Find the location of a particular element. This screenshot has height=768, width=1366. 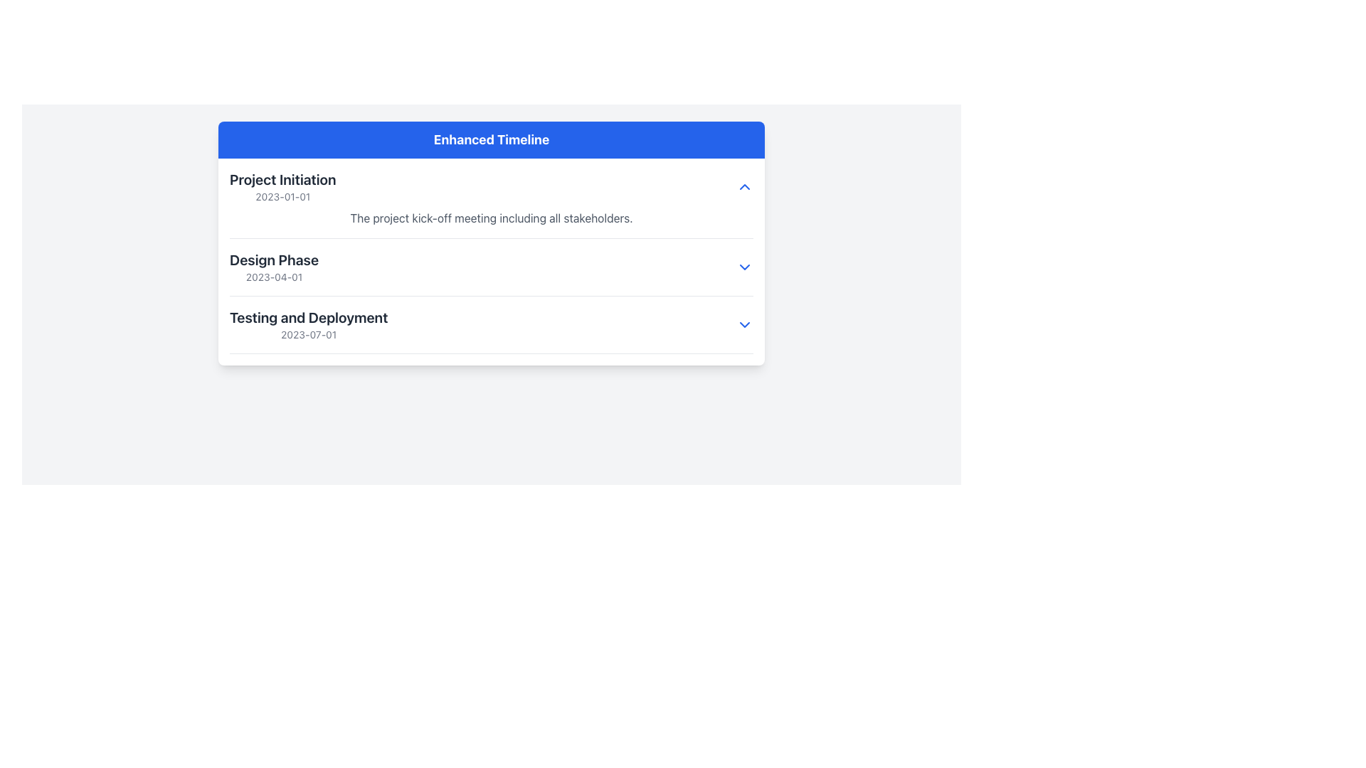

the downward-pointing chevron icon styled in blue, located at the far right of the row labeled 'Design Phase' with the subtitle '2023-04-01' is located at coordinates (743, 267).